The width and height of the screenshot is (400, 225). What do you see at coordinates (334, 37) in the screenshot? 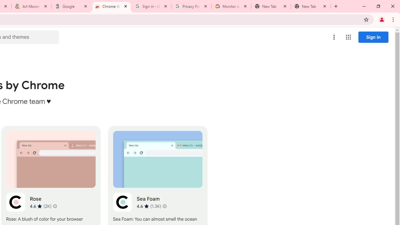
I see `'More options menu'` at bounding box center [334, 37].